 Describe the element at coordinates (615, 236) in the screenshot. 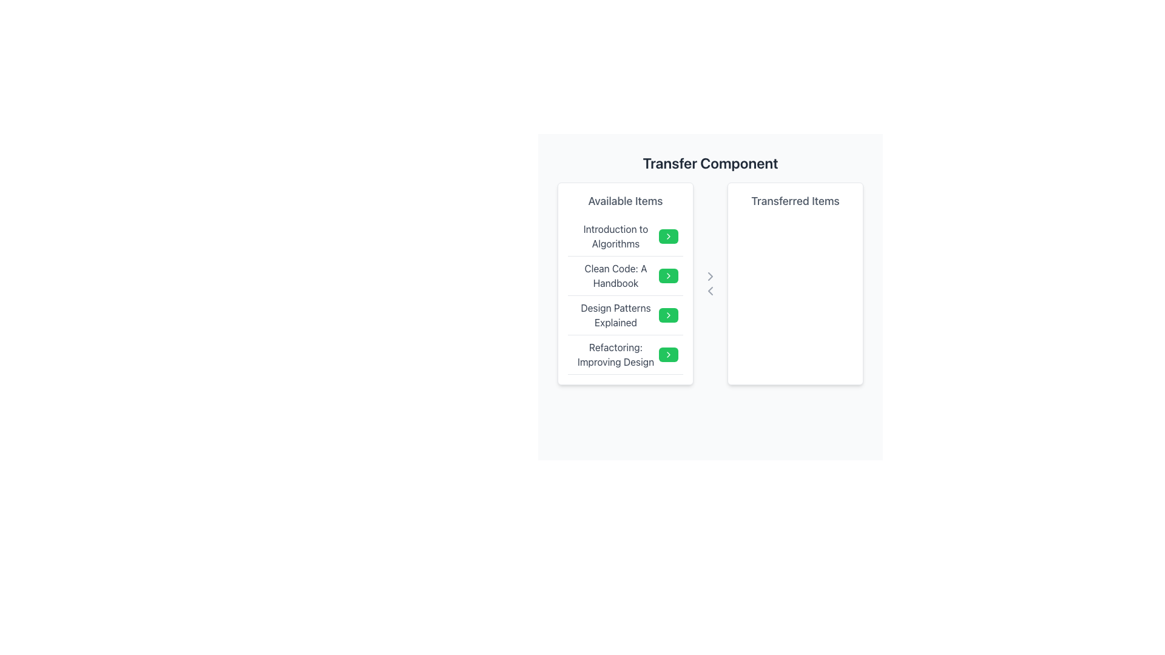

I see `the Text label that serves as a title for the first item in the 'Available Items' list, located to the left of the interactive green button` at that location.